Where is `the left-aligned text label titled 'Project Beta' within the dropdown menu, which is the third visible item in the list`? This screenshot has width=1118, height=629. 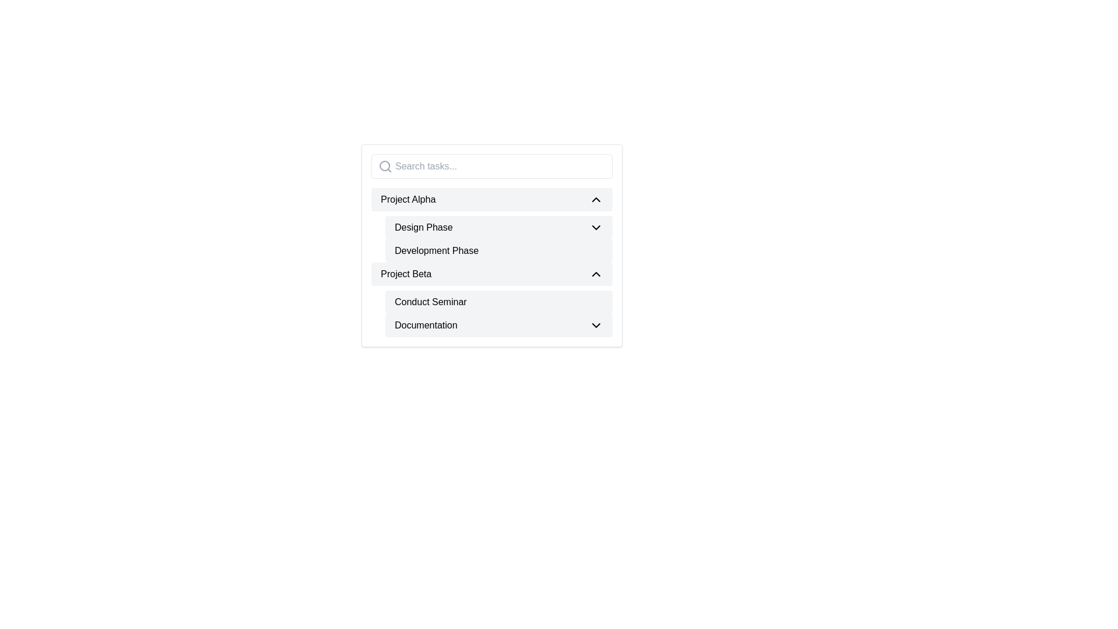 the left-aligned text label titled 'Project Beta' within the dropdown menu, which is the third visible item in the list is located at coordinates (406, 274).